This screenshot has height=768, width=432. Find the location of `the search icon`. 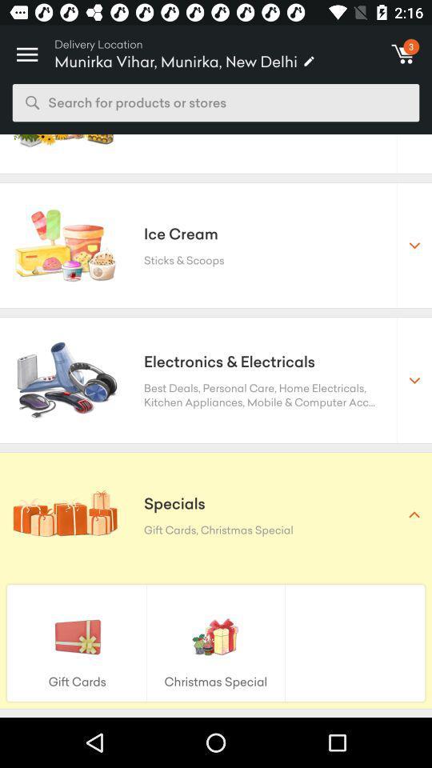

the search icon is located at coordinates (32, 102).